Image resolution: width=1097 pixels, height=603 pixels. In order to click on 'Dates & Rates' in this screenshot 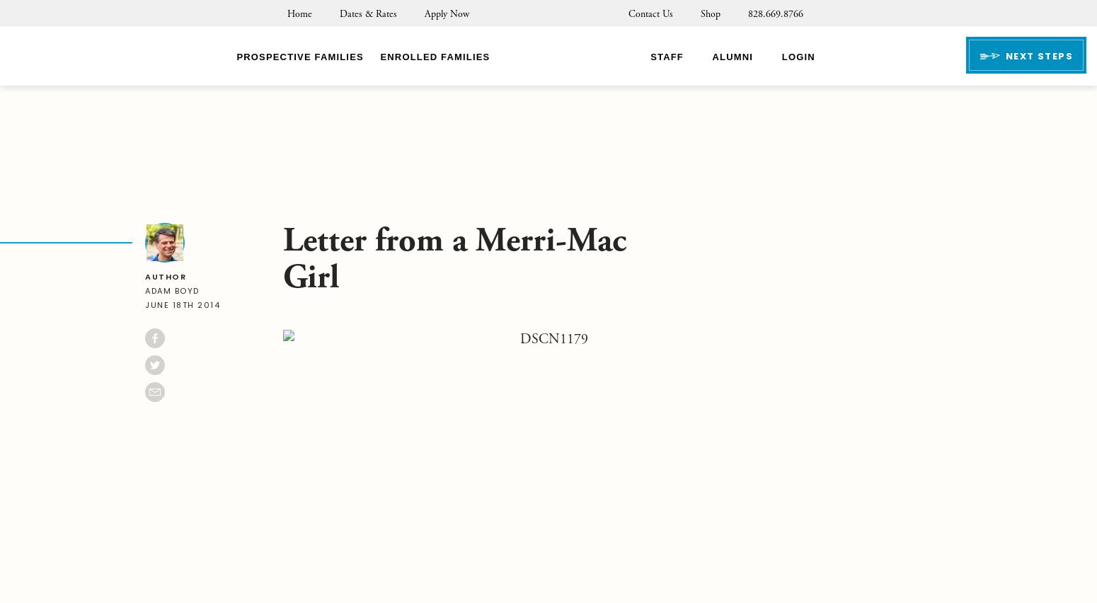, I will do `click(367, 13)`.